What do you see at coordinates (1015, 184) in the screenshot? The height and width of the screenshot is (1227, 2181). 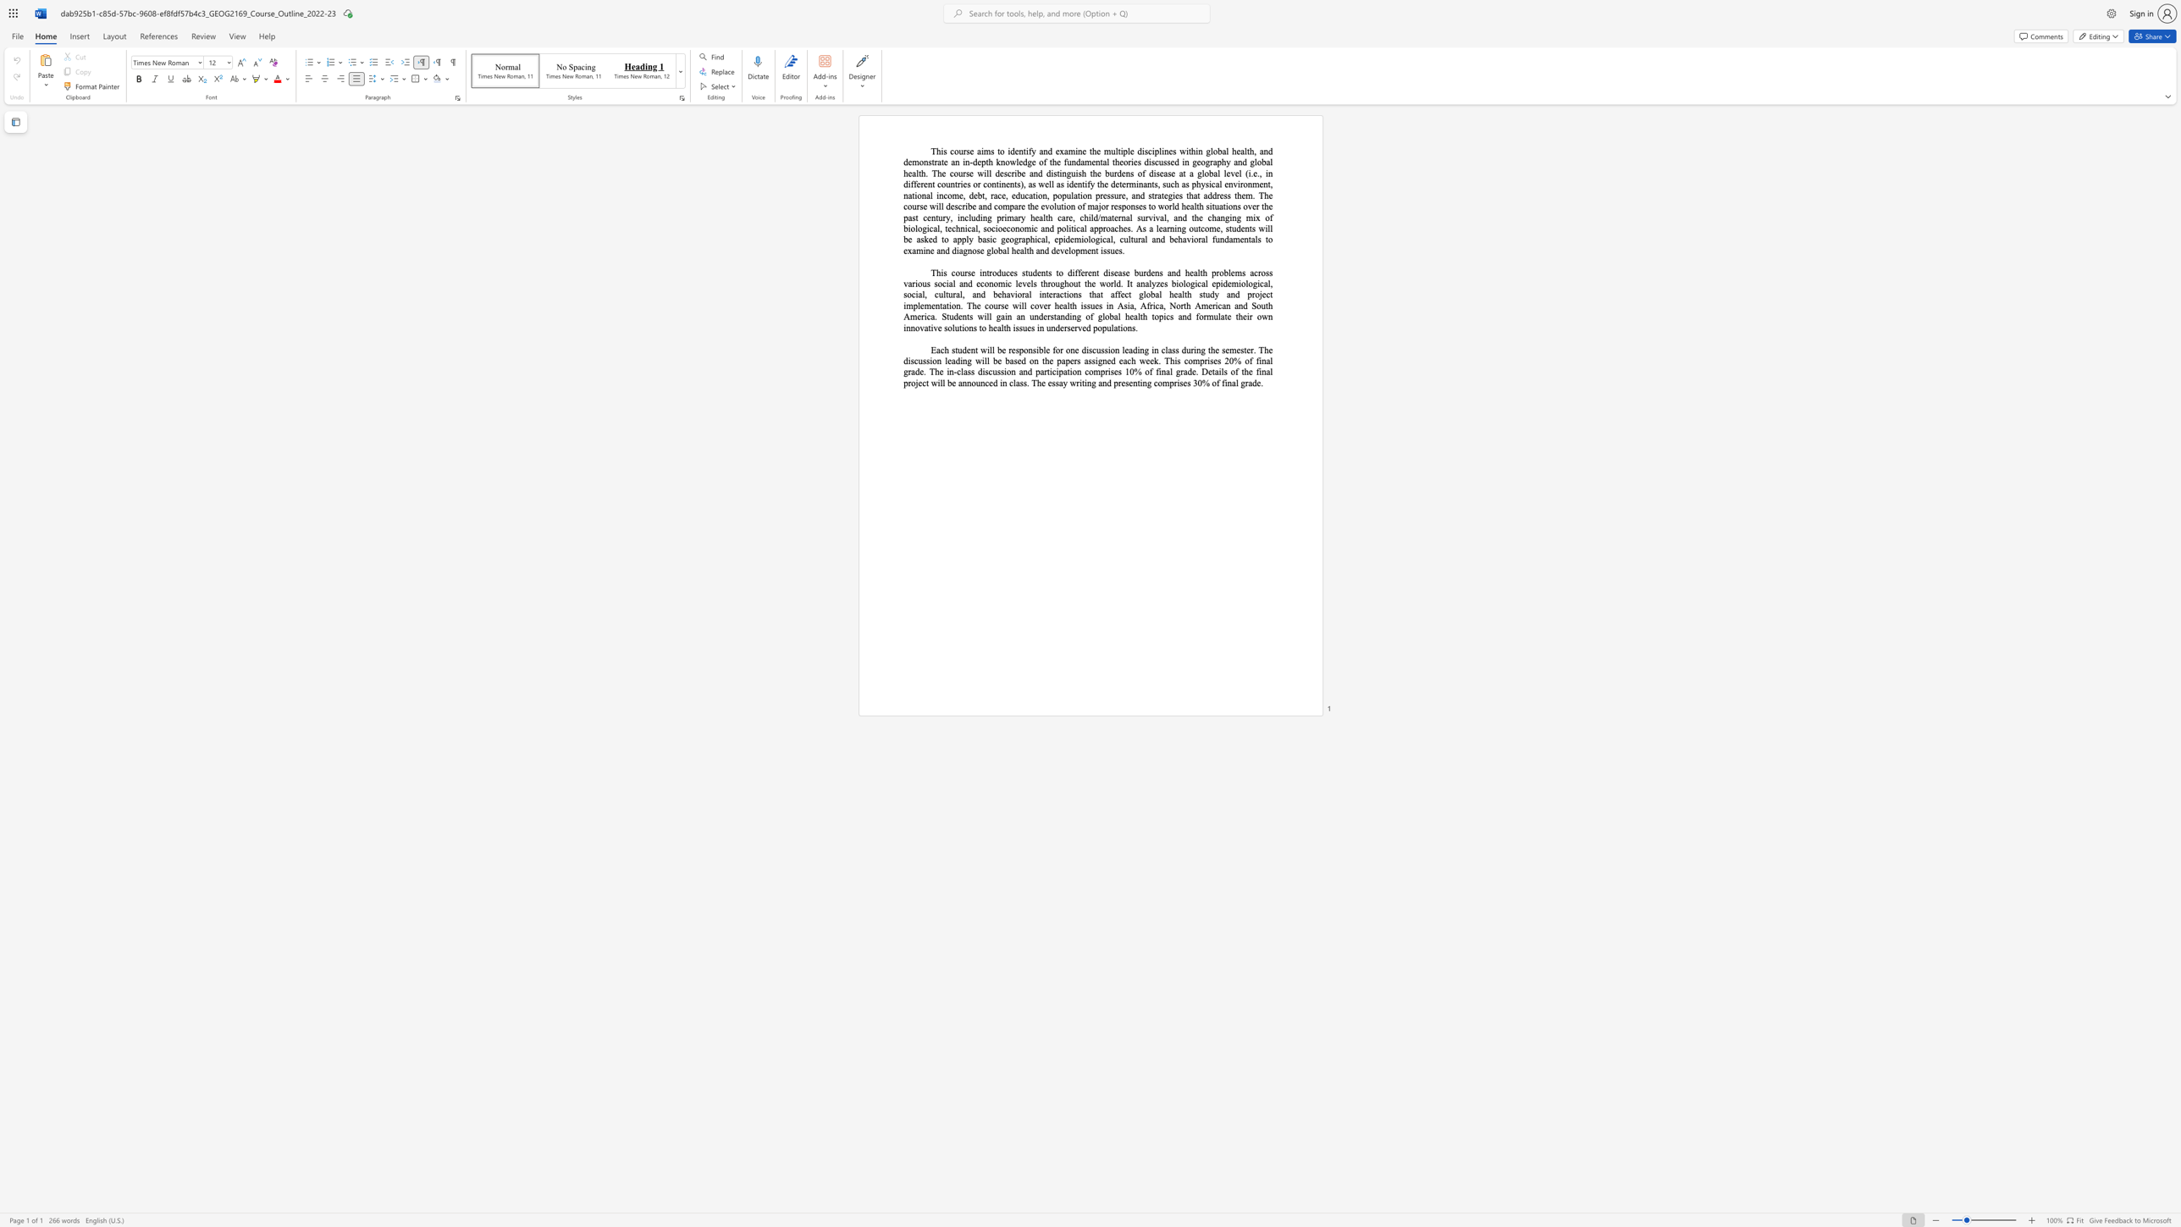 I see `the 2th character "t" in the text` at bounding box center [1015, 184].